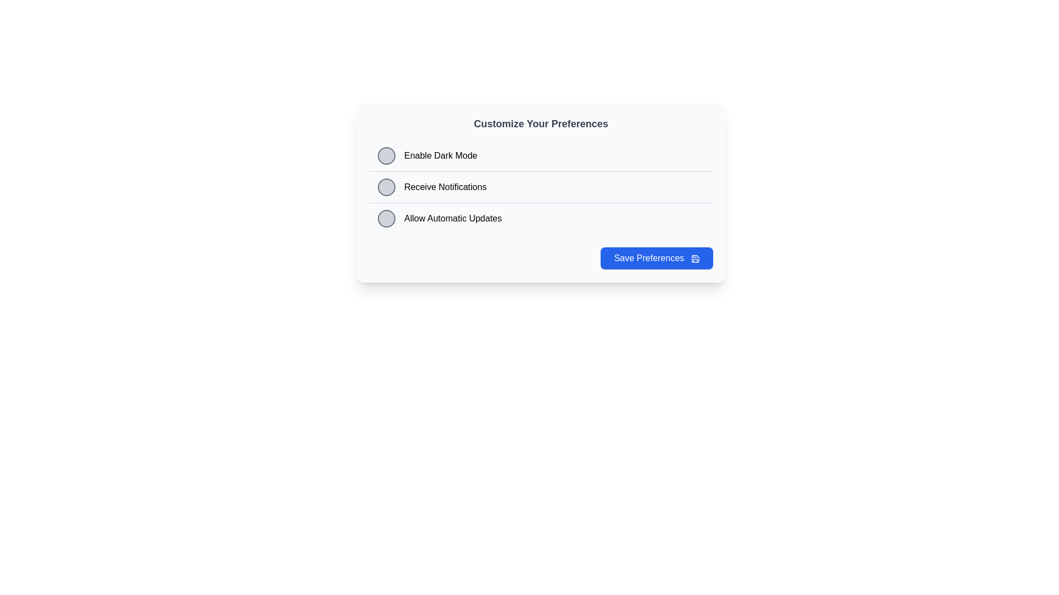  Describe the element at coordinates (427, 155) in the screenshot. I see `the label of the dark mode preference option, which is the first item in a vertical list of preference options in the centered modal window` at that location.